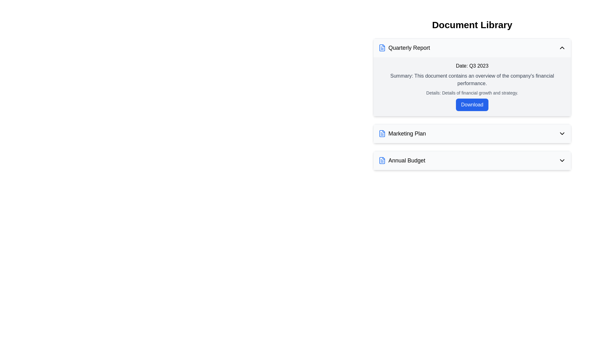 This screenshot has width=600, height=338. Describe the element at coordinates (472, 79) in the screenshot. I see `static text element that displays 'Summary: This document contains an overview of the company's financial performance.' located in the 'Quarterly Report' section, specifically positioned beneath 'Date: Q3 2023'` at that location.